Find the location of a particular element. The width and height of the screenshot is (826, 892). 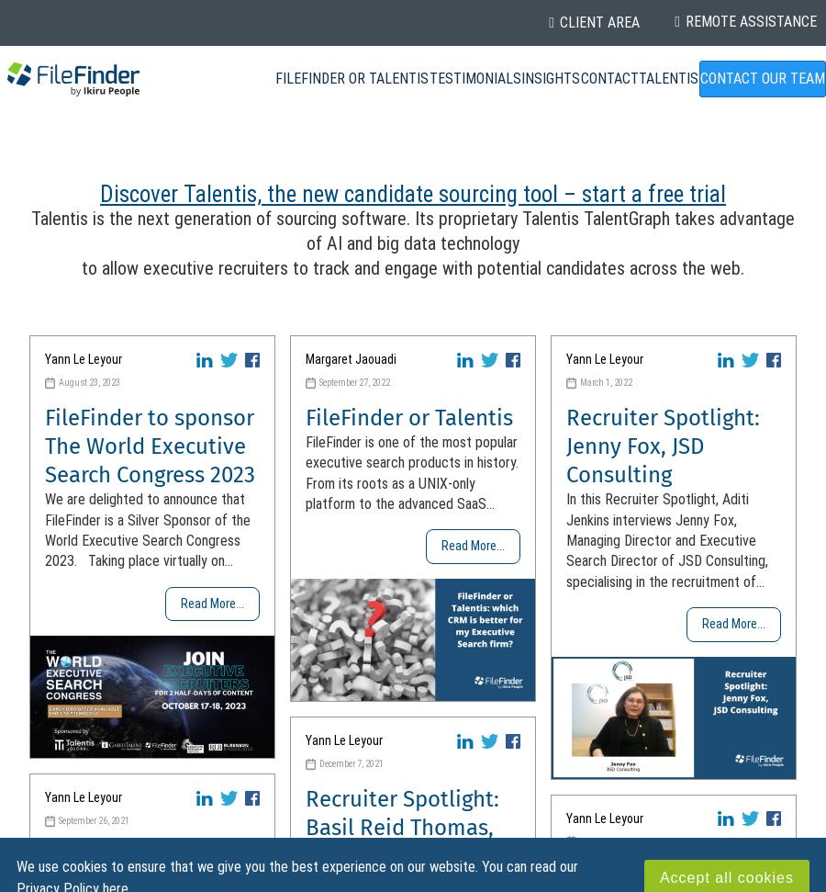

'Client area' is located at coordinates (599, 22).